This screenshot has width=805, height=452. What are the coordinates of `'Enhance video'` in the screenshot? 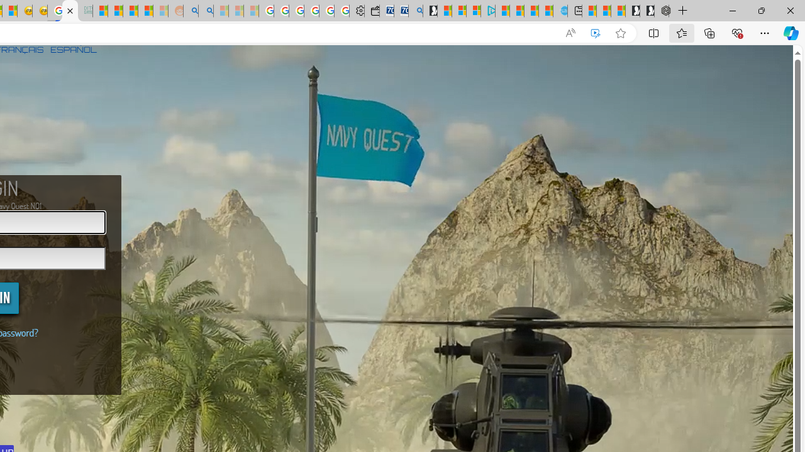 It's located at (594, 33).